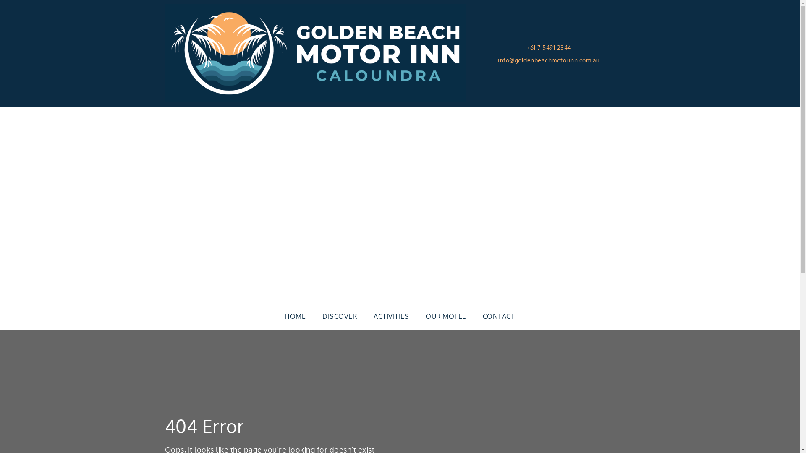  What do you see at coordinates (445, 316) in the screenshot?
I see `'OUR MOTEL'` at bounding box center [445, 316].